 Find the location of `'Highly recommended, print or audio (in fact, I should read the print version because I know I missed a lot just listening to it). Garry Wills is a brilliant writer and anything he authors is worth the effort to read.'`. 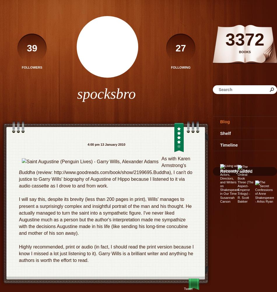

'Highly recommended, print or audio (in fact, I should read the print version because I know I missed a lot just listening to it). Garry Wills is a brilliant writer and anything he authors is worth the effort to read.' is located at coordinates (106, 253).